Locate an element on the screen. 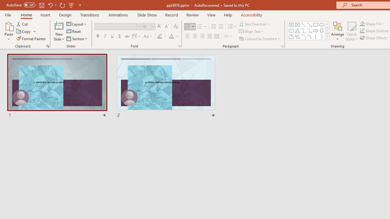  'Font Color Red' is located at coordinates (171, 36).